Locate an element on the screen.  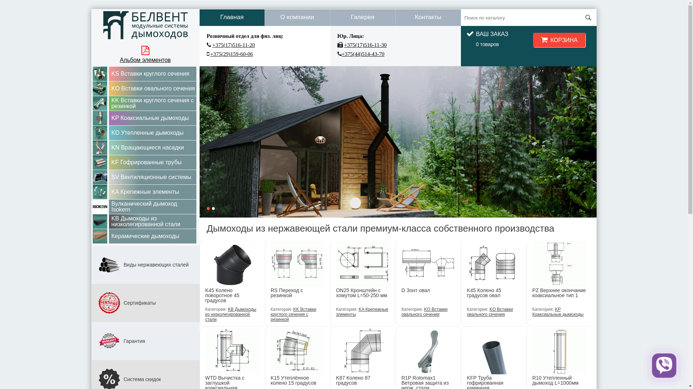
'+375(29)159-60-06' is located at coordinates (231, 54).